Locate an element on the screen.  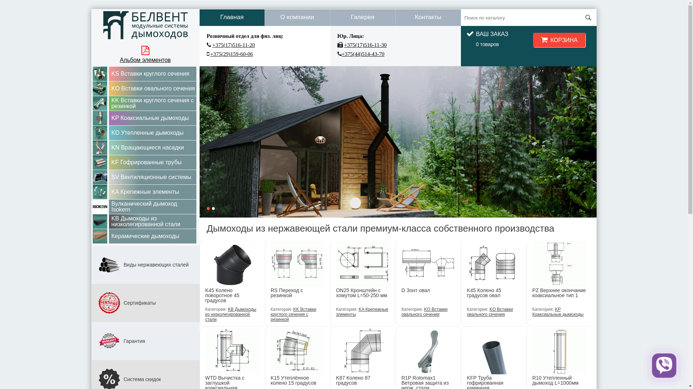
'+375(29)159-60-06' is located at coordinates (231, 54).